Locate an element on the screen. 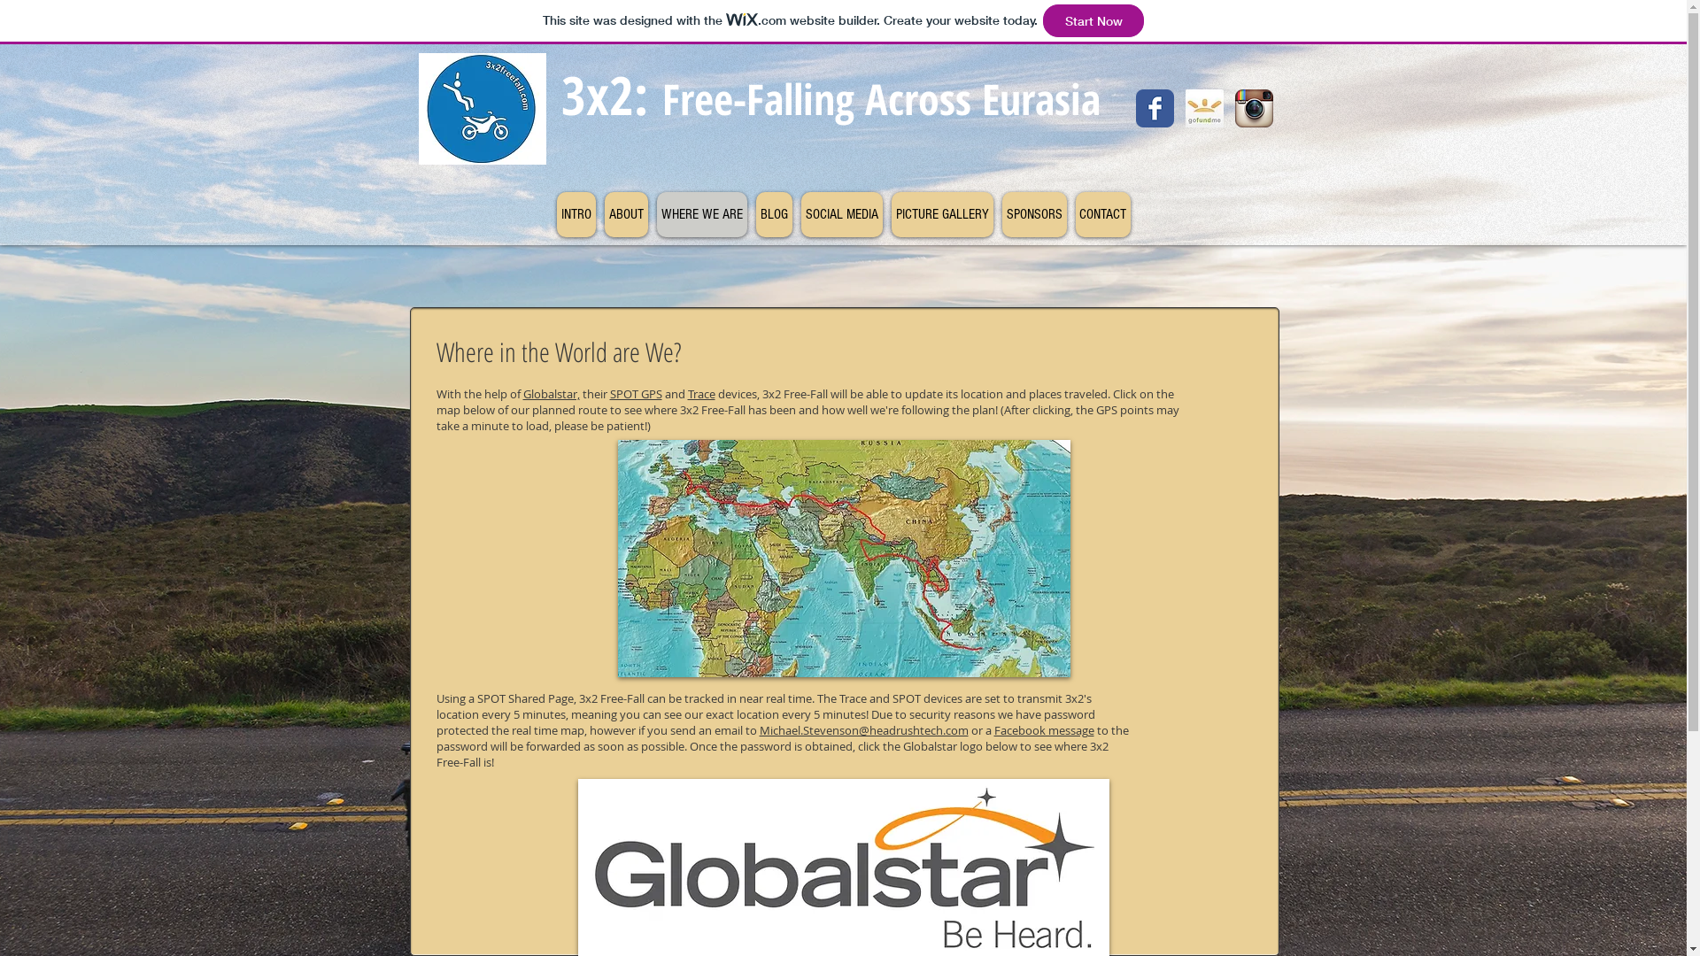 Image resolution: width=1700 pixels, height=956 pixels. 'BLOG' is located at coordinates (756, 213).